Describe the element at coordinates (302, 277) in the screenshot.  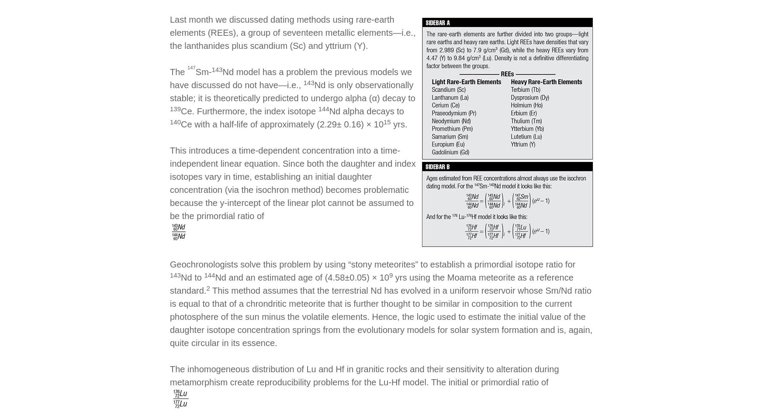
I see `'Nd and an estimated age of (4.58±0.05) × 10'` at that location.